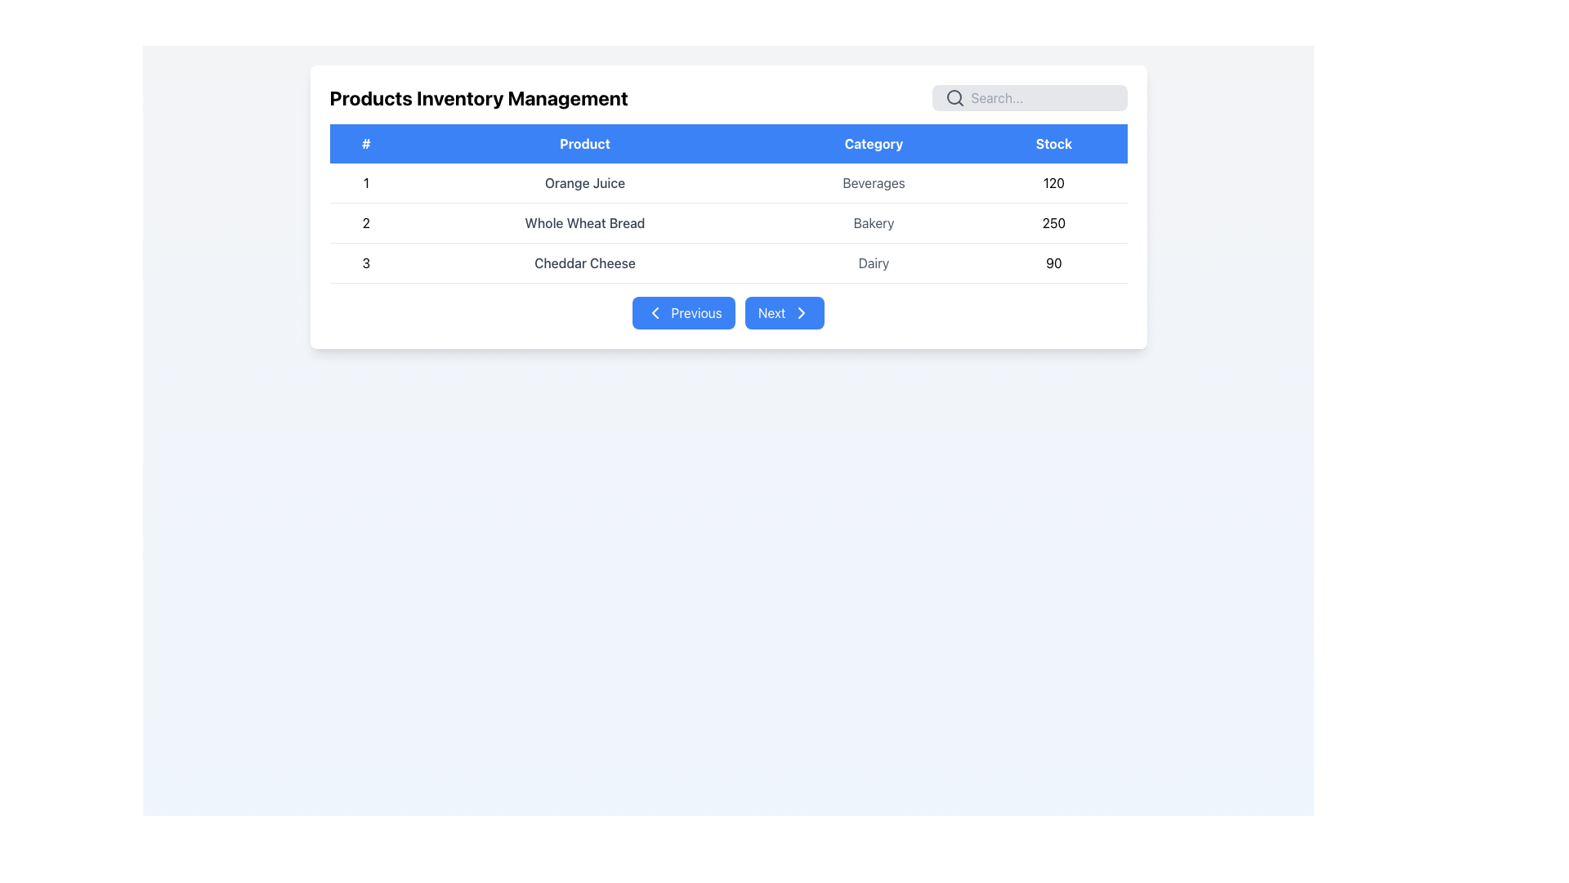  Describe the element at coordinates (365, 143) in the screenshot. I see `the blue table header cell containing the '#' symbol` at that location.